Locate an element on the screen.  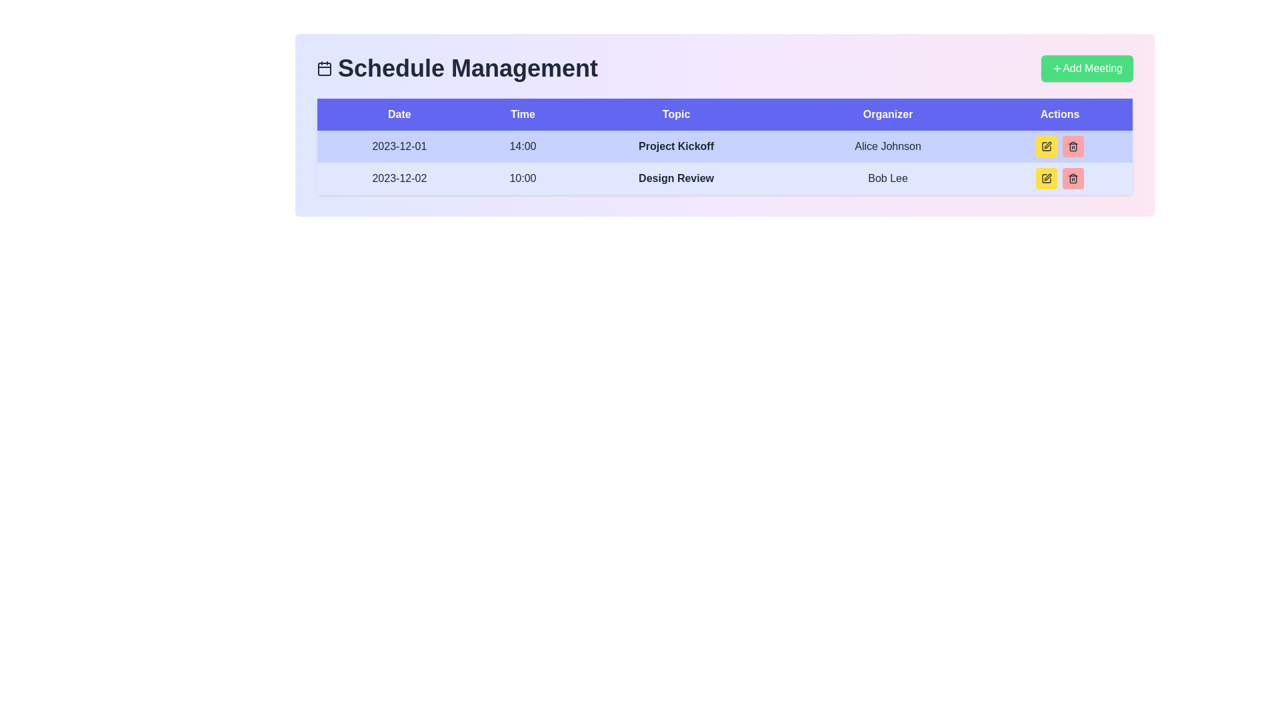
the static text label indicating the organizer's name for the 'Project Kickoff' event, located in the 'Organizer' column of the first row of the table is located at coordinates (888, 146).